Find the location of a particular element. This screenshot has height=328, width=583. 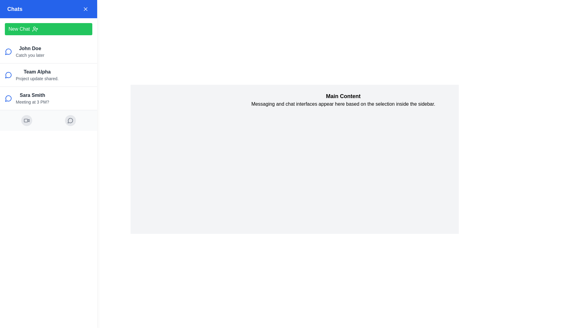

the circular blue outlined speech bubble icon in the sidebar chat area, located to the left of the 'John DoeCatch you later' text group is located at coordinates (9, 51).